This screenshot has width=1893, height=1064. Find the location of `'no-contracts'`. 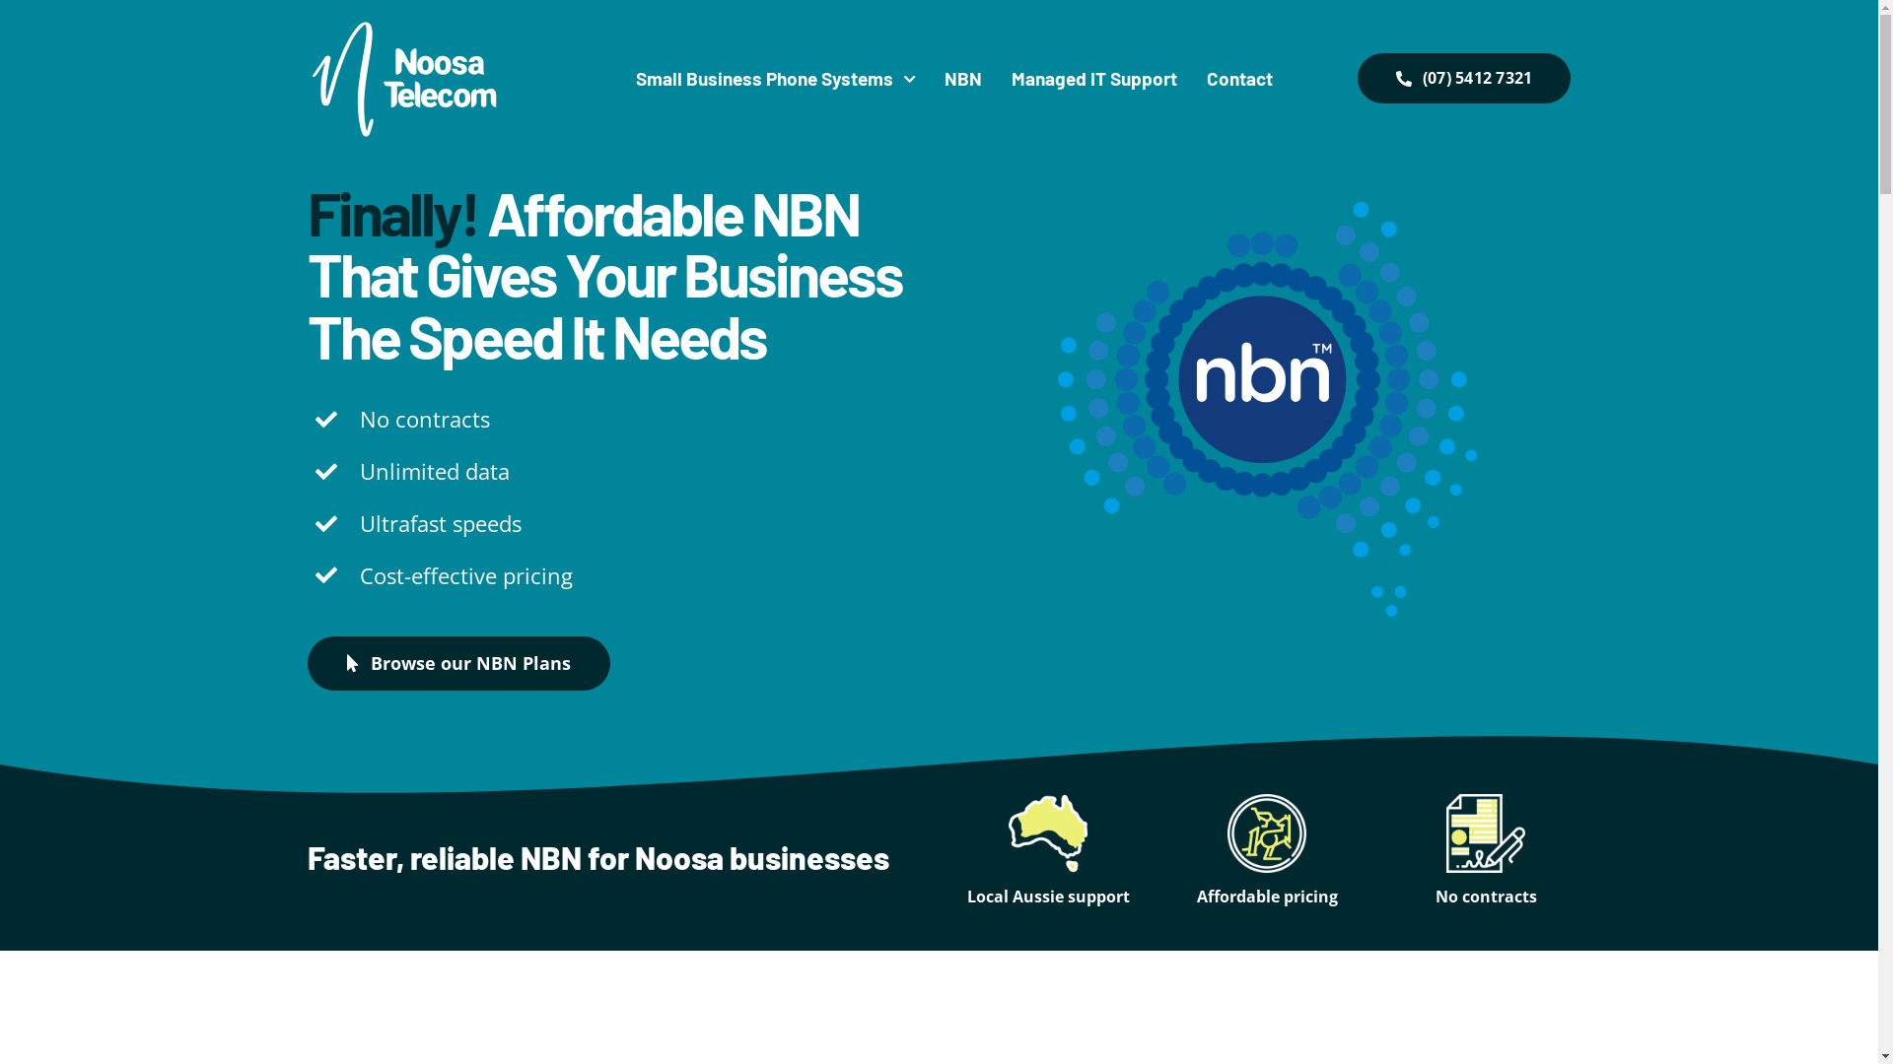

'no-contracts' is located at coordinates (1486, 832).